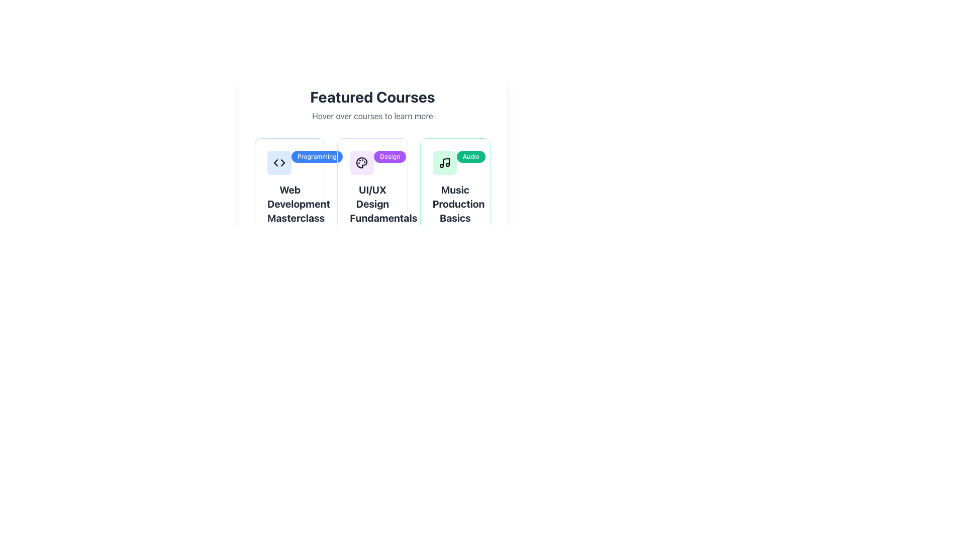  I want to click on the design icon located in the second column of the 'Featured Courses' row, which represents the 'UI/UX Design Fundamentals' course, so click(362, 162).